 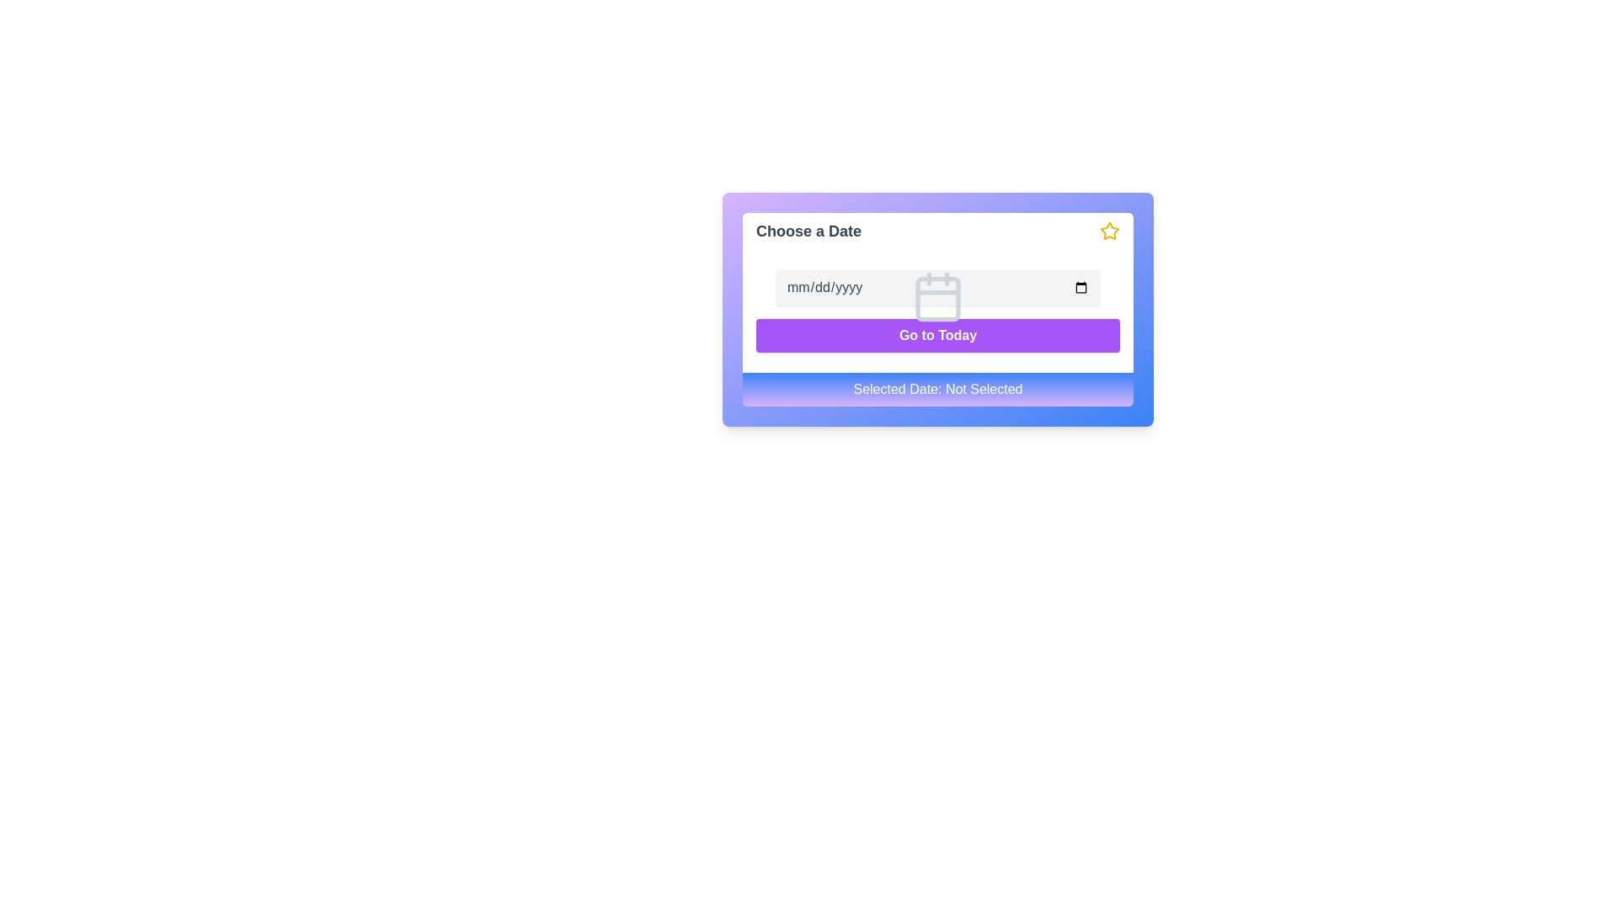 What do you see at coordinates (937, 335) in the screenshot?
I see `the 'Go to Today' button, which is styled with white text on a vibrant purple background and rounded corners, to observe its hover effects` at bounding box center [937, 335].